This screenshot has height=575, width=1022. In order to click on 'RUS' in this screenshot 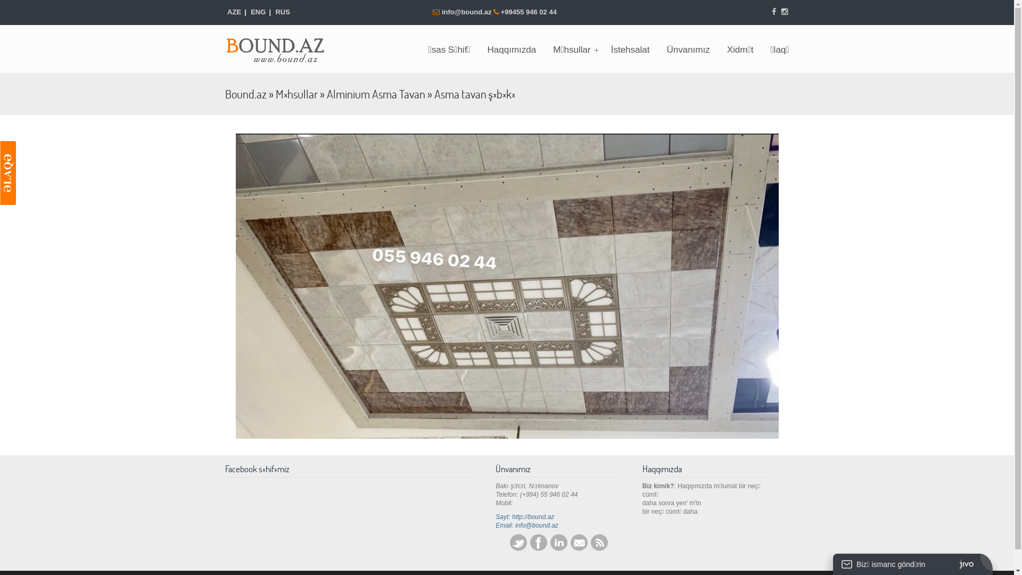, I will do `click(283, 12)`.